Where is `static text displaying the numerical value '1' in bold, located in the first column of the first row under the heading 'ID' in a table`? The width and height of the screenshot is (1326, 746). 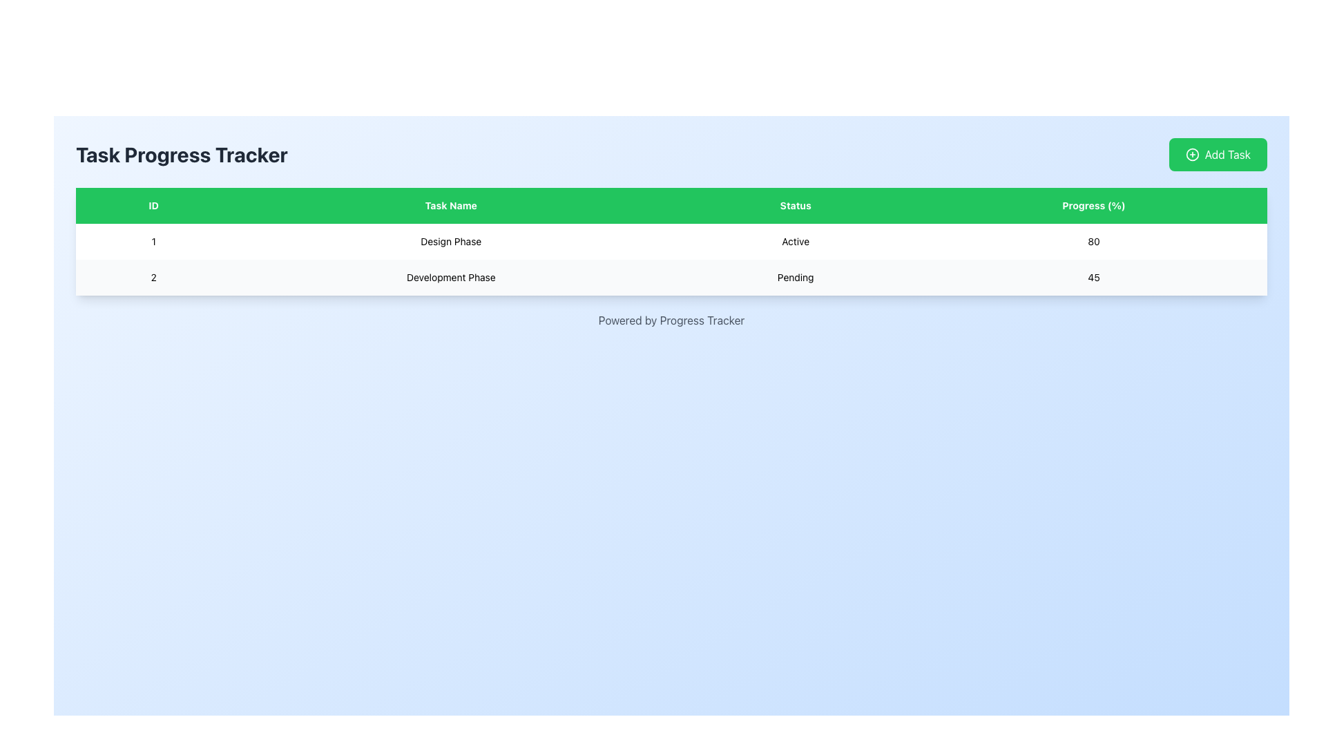 static text displaying the numerical value '1' in bold, located in the first column of the first row under the heading 'ID' in a table is located at coordinates (153, 241).